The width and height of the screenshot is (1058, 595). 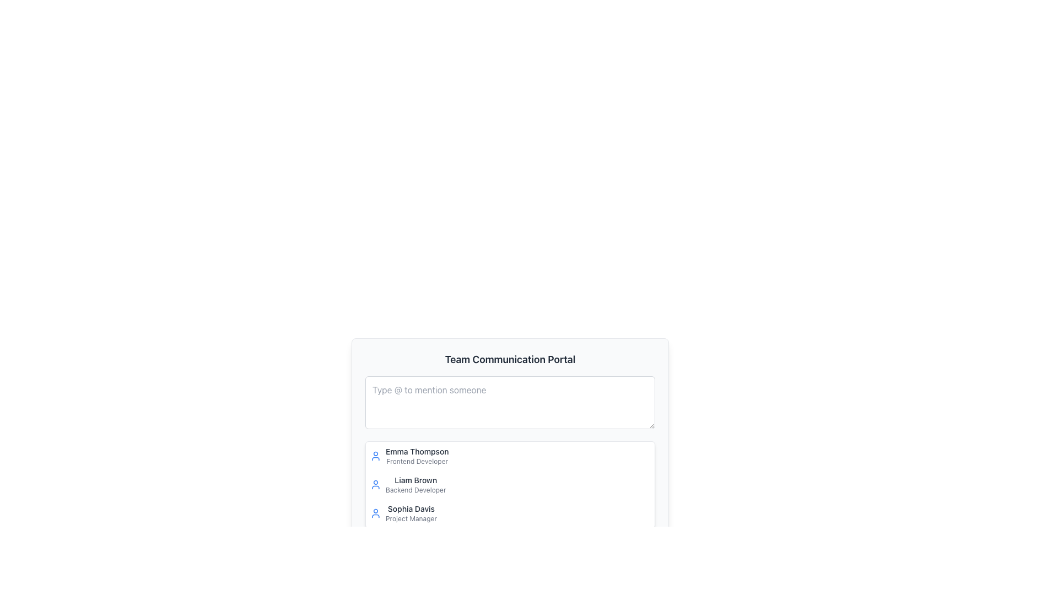 I want to click on the first user profile list item located beneath the heading 'Type @ to mention someone', so click(x=417, y=456).